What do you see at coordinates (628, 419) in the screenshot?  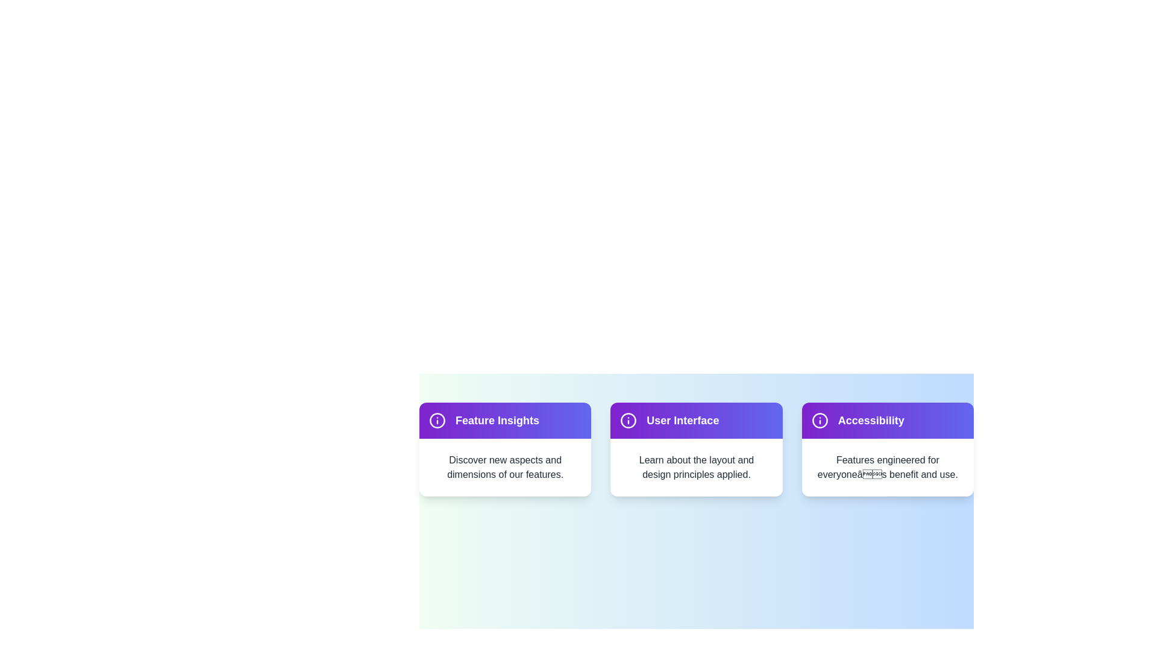 I see `the circular graphical shape centered within the icon in the second card labeled 'User Interface'` at bounding box center [628, 419].